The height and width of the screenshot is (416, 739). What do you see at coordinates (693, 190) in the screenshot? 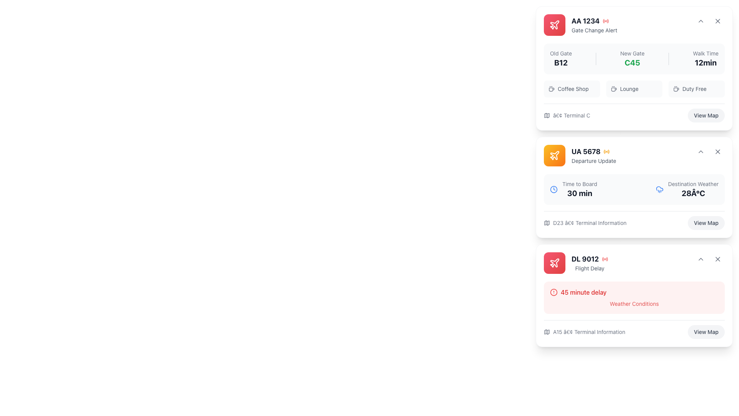
I see `the static informational text displaying weather details for the destination associated with the flight in the 'UA 5678 Departure Update' card, located on the far-right side in the same row as the boarding time information` at bounding box center [693, 190].